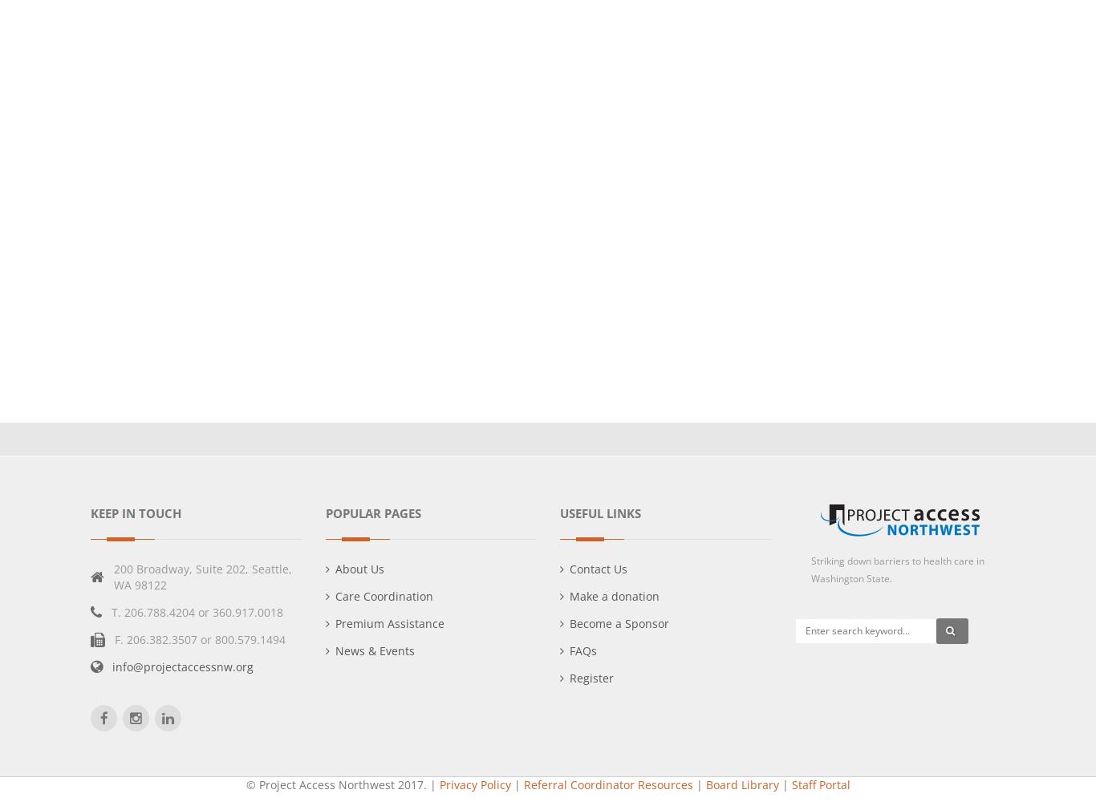  I want to click on '200 Broadway, Suite 202, Seattle, WA 98122', so click(202, 575).